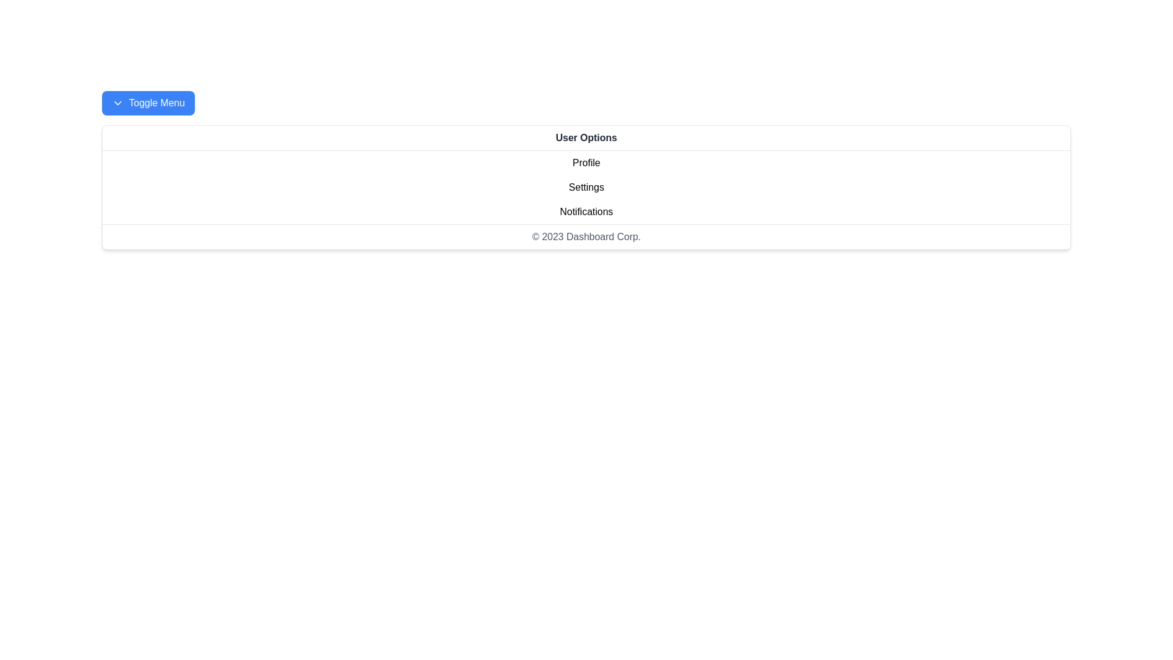  What do you see at coordinates (586, 162) in the screenshot?
I see `the Profile from the User Options drawer` at bounding box center [586, 162].